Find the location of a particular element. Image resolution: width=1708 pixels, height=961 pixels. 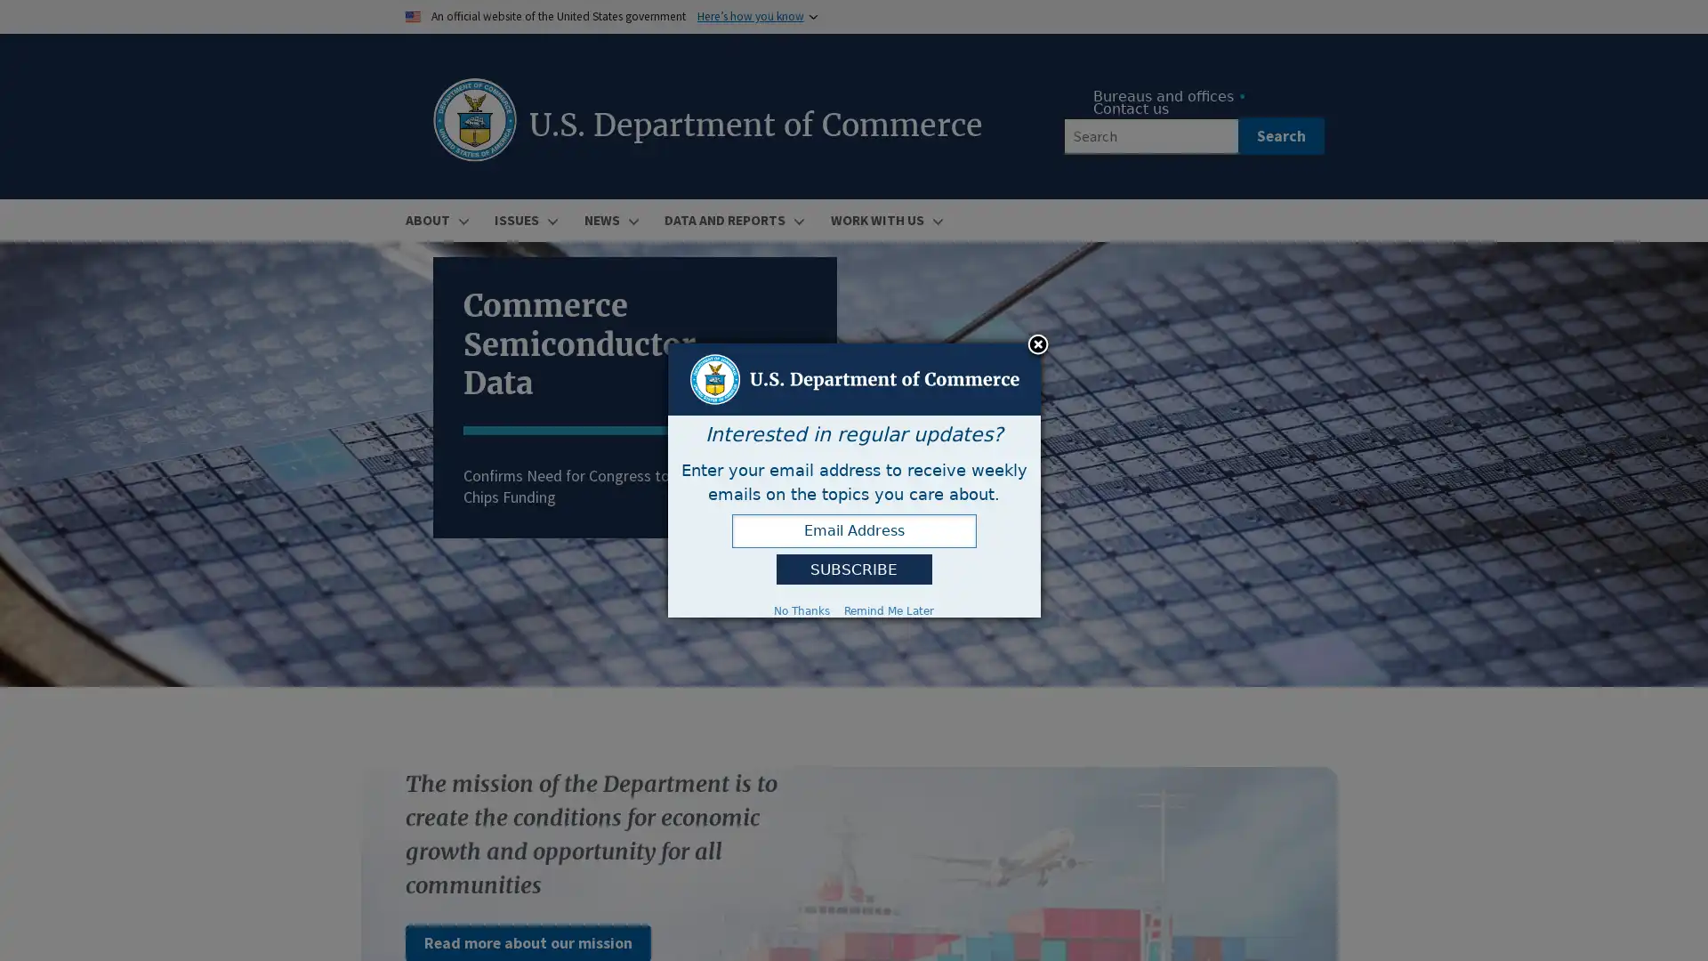

Remind Me Later is located at coordinates (889, 610).